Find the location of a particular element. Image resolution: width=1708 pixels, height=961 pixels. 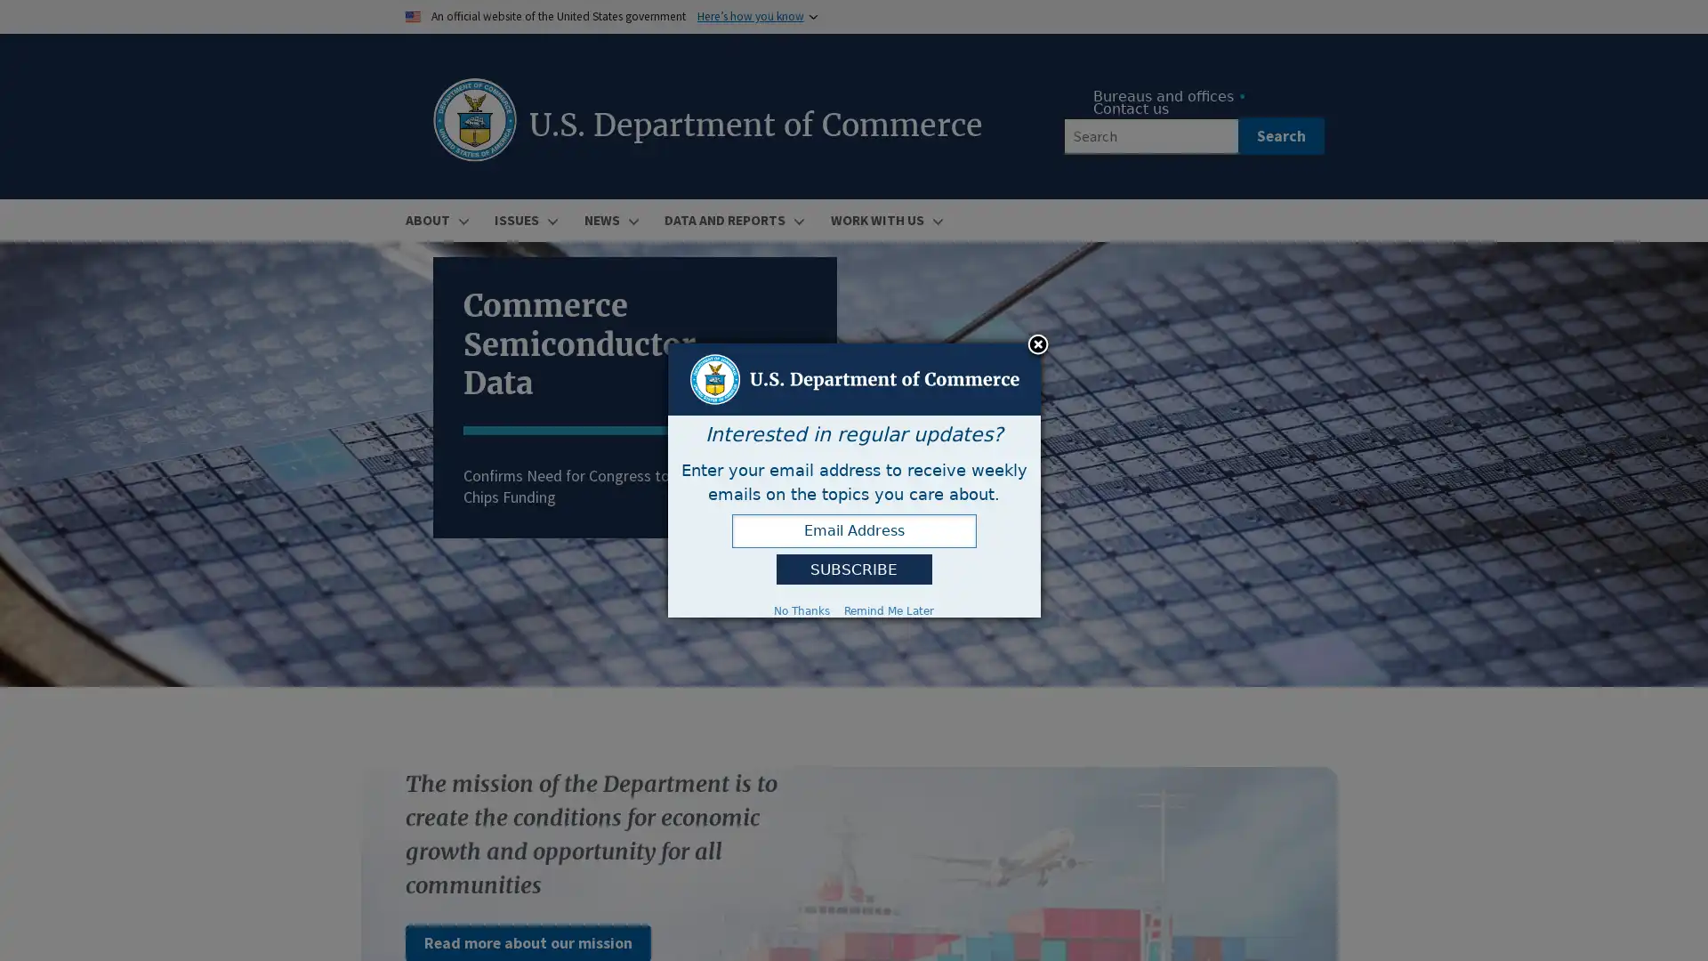

Remind Me Later is located at coordinates (889, 610).